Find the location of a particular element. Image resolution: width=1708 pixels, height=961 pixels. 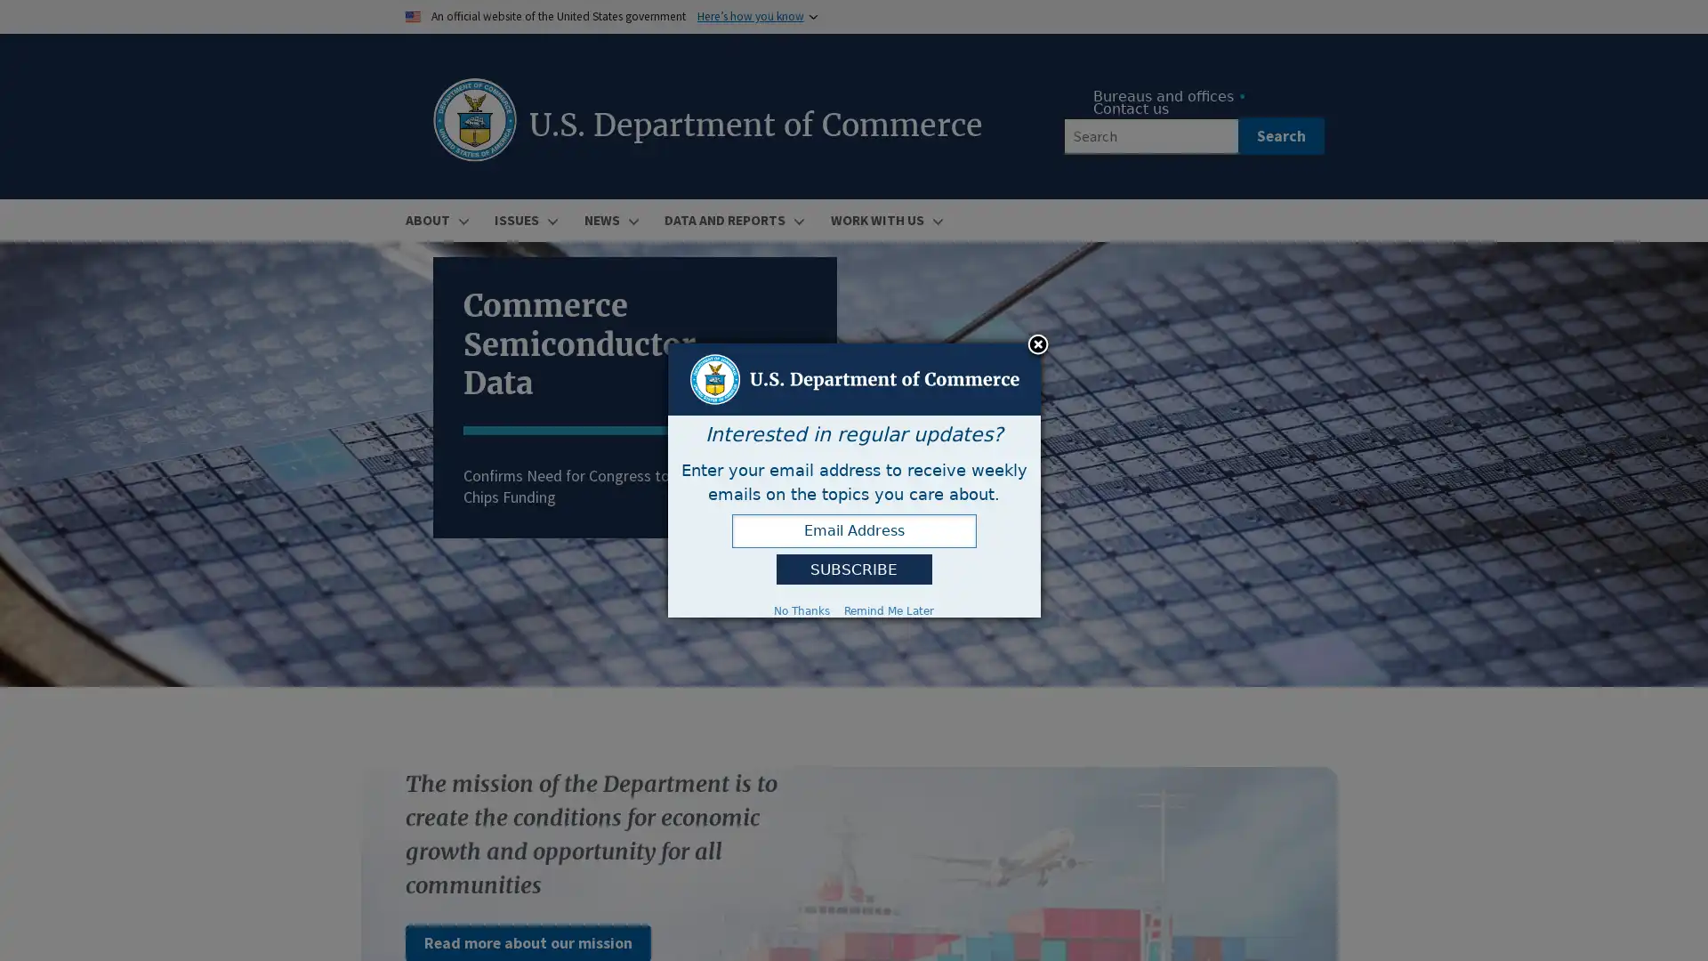

Remind Me Later is located at coordinates (889, 610).